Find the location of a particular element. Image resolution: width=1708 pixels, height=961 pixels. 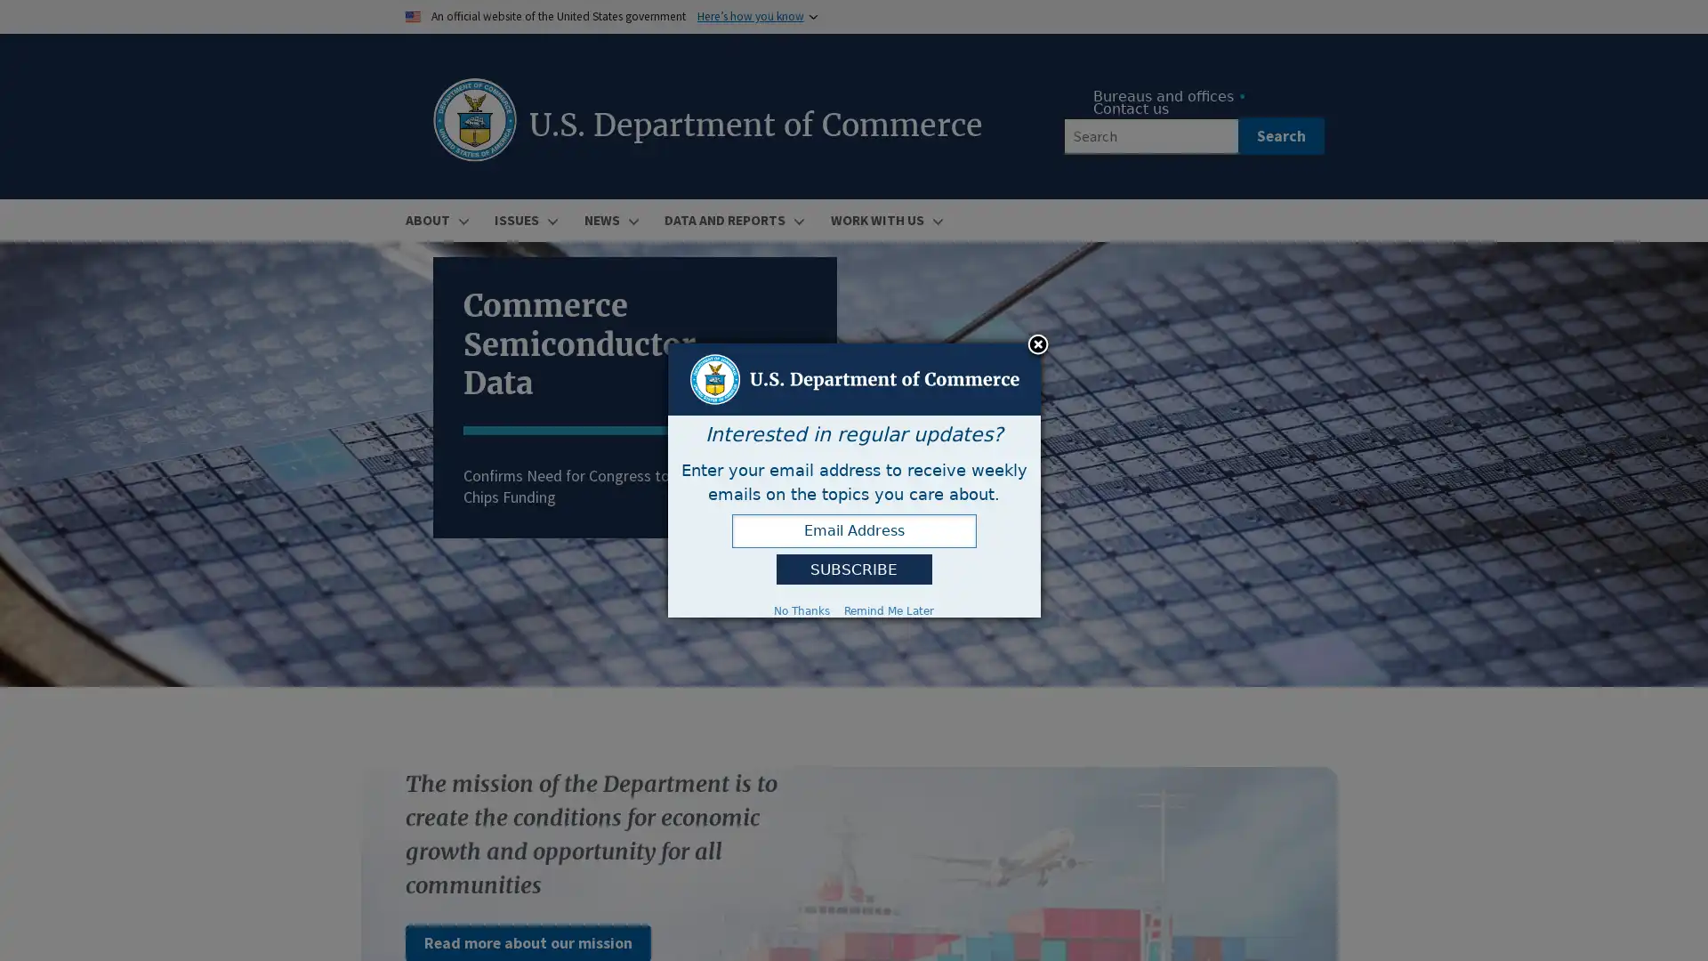

Remind Me Later is located at coordinates (889, 610).